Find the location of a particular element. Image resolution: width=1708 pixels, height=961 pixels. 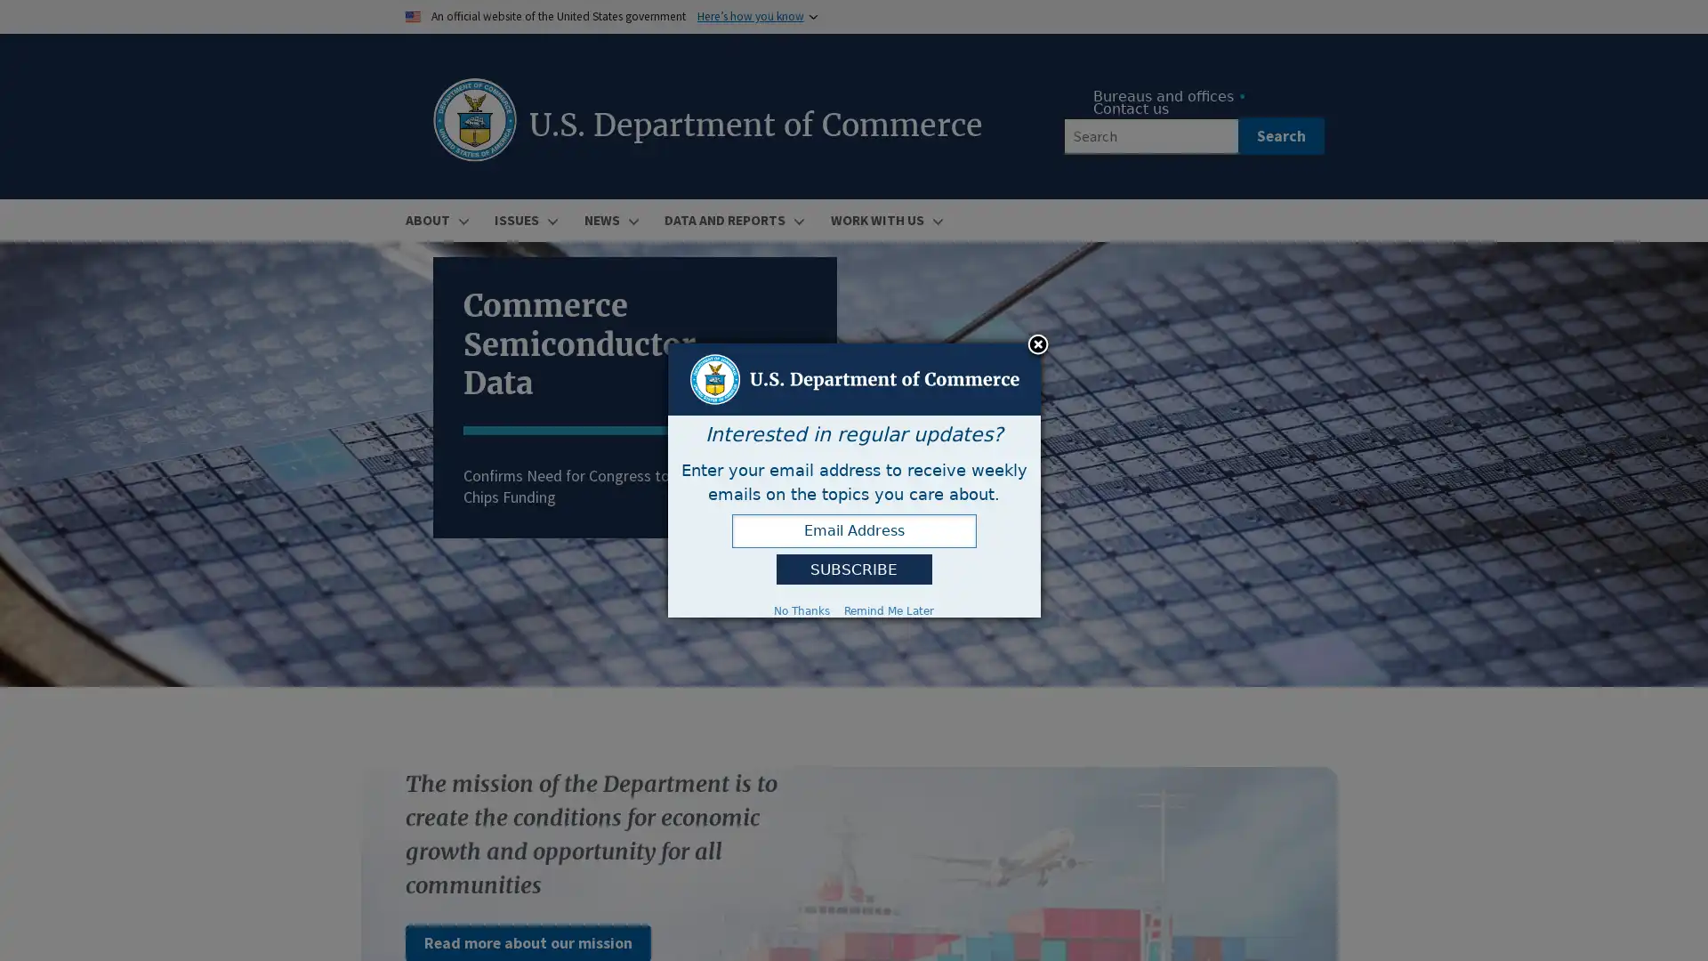

Remind Me Later is located at coordinates (889, 610).